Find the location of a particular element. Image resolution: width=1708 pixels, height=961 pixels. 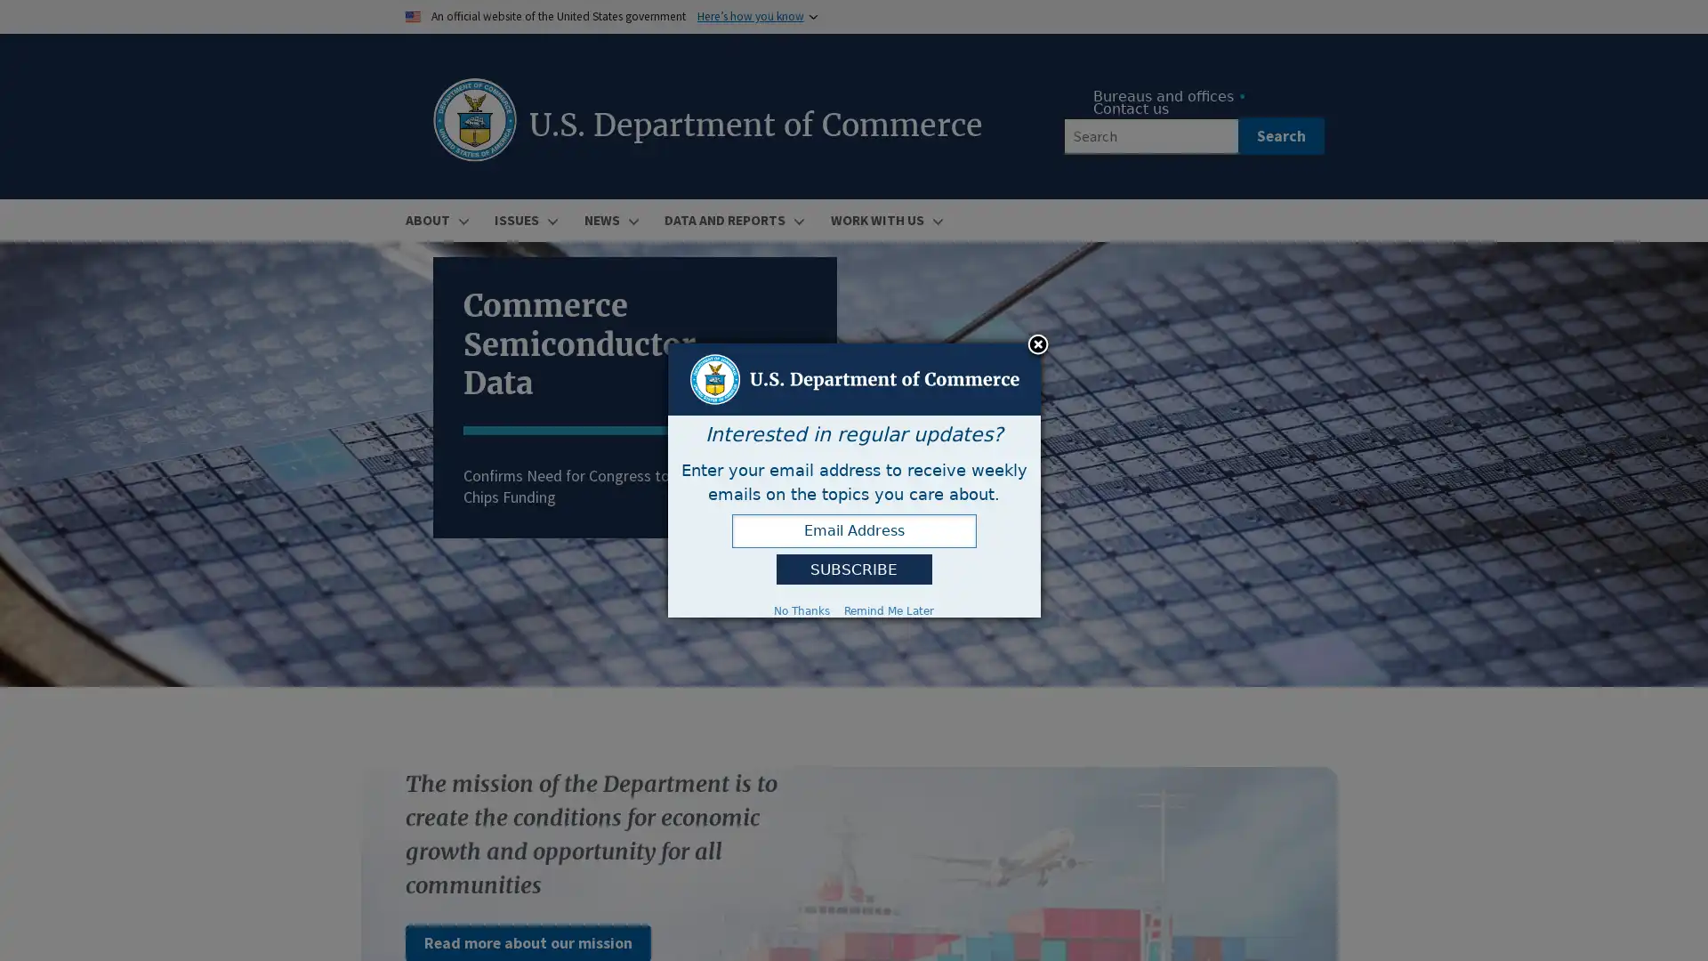

Remind Me Later is located at coordinates (889, 610).